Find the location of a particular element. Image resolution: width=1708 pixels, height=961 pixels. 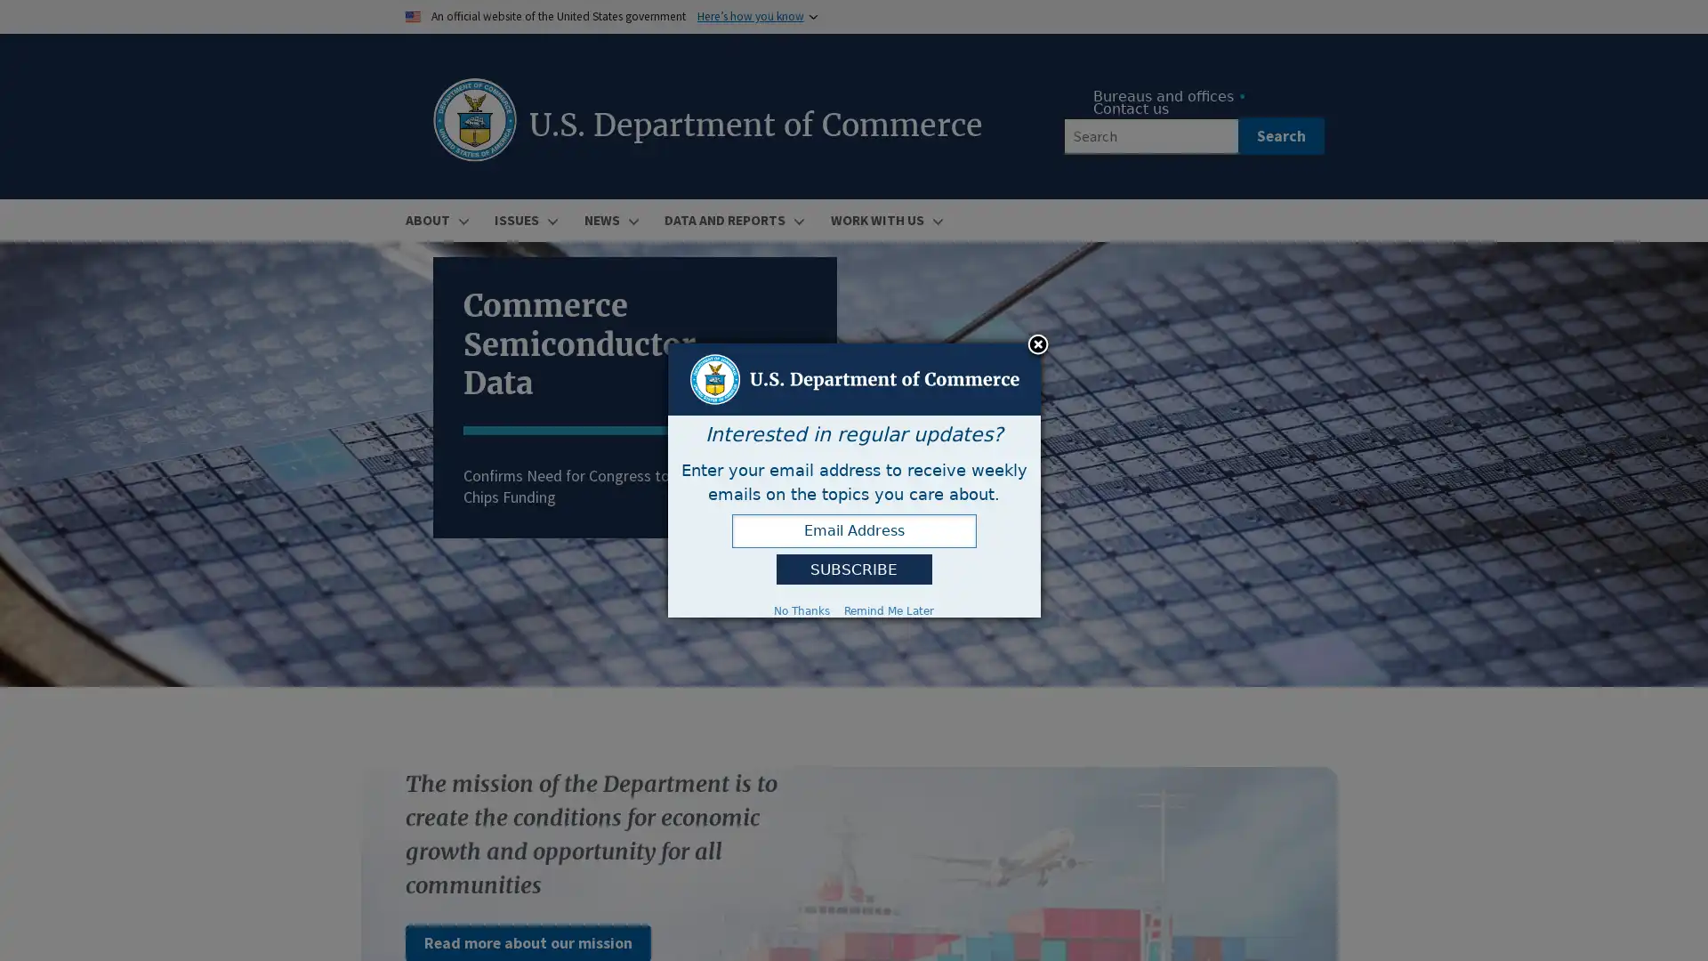

Remind Me Later is located at coordinates (889, 610).